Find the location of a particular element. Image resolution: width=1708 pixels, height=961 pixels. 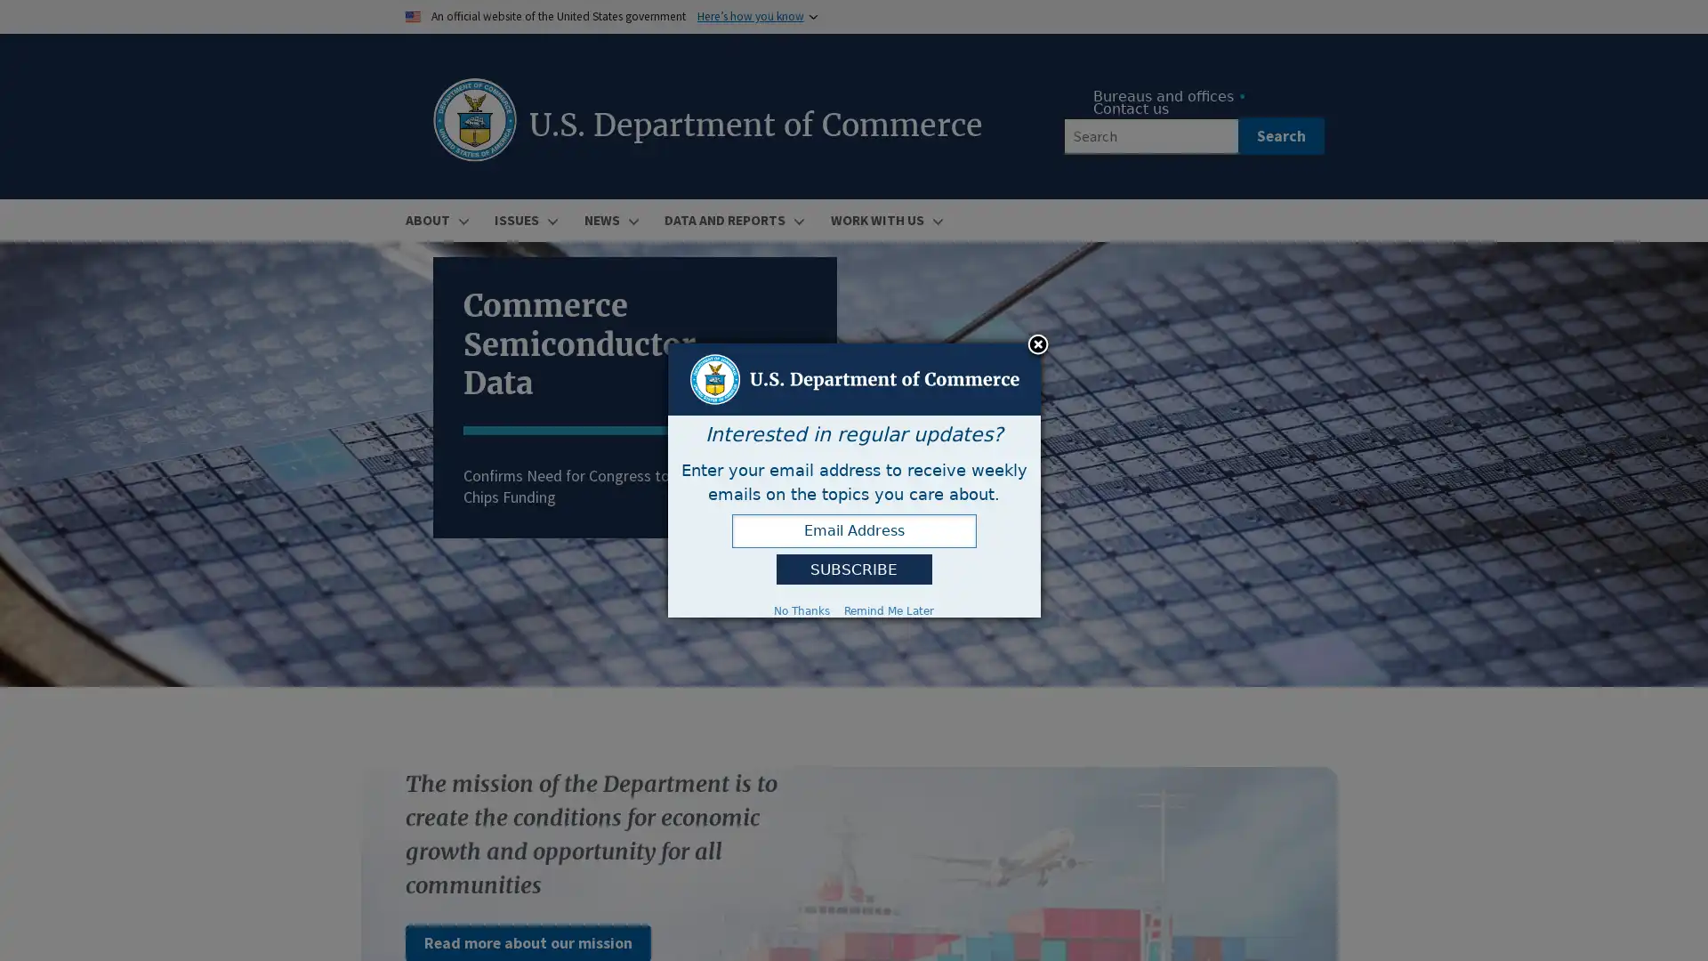

Remind Me Later is located at coordinates (889, 610).